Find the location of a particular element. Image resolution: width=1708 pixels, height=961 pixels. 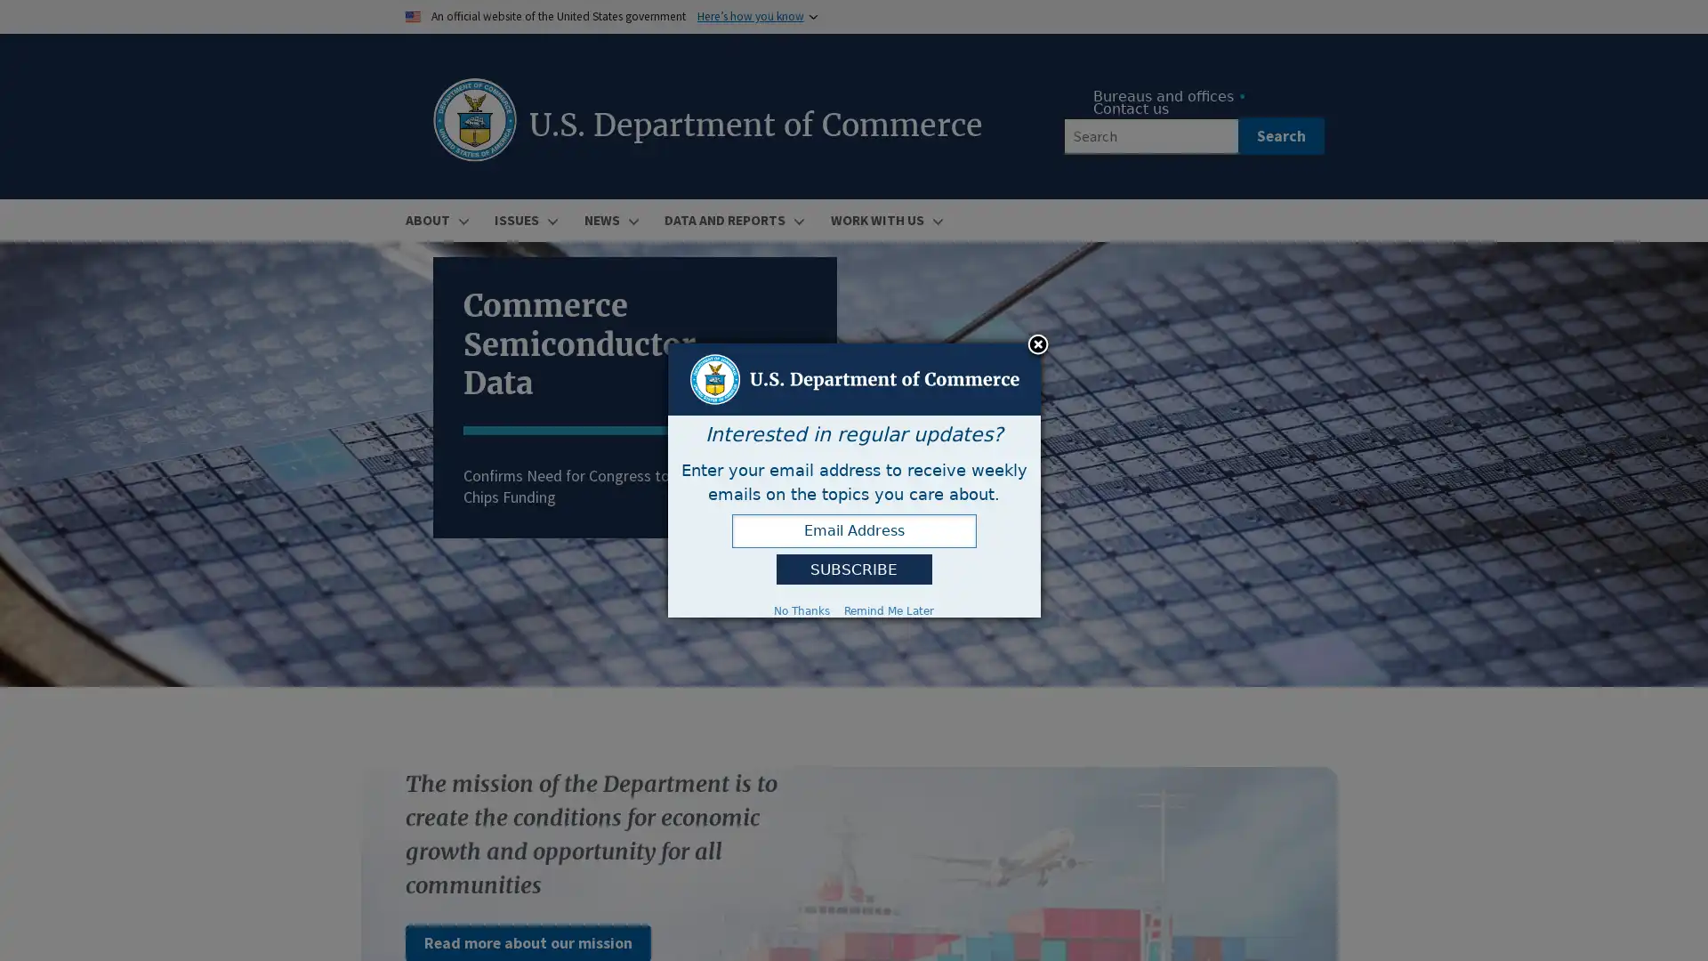

Remind Me Later is located at coordinates (889, 610).